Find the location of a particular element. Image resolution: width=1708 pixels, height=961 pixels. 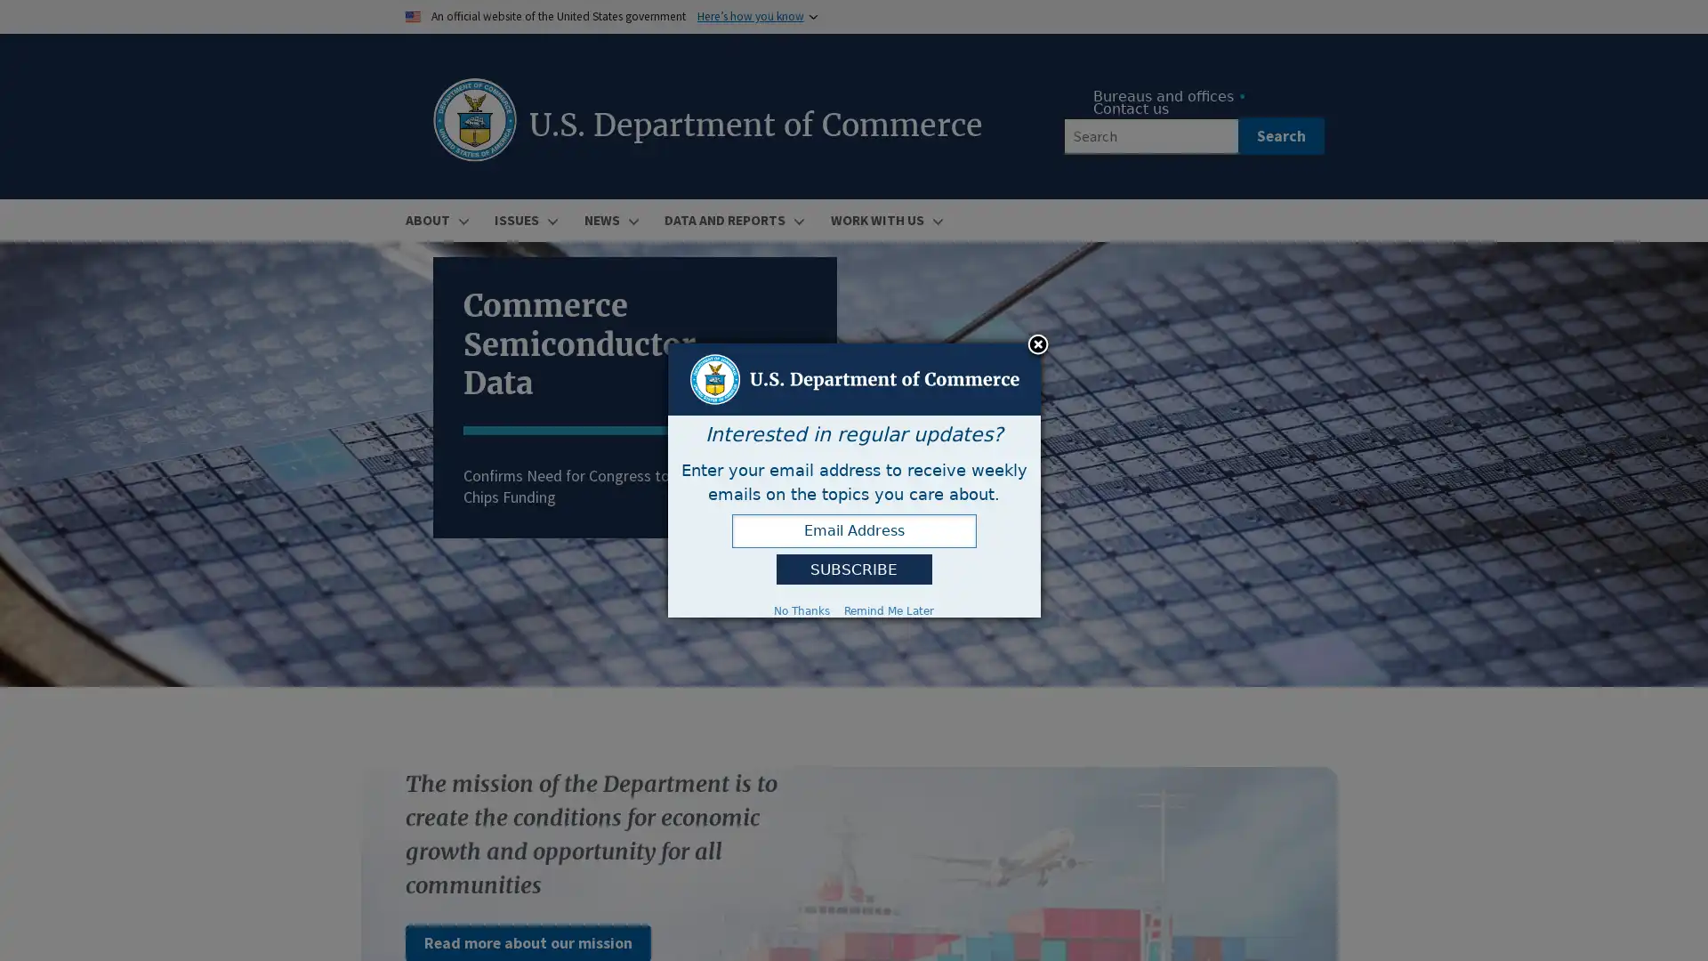

Remind Me Later is located at coordinates (889, 610).